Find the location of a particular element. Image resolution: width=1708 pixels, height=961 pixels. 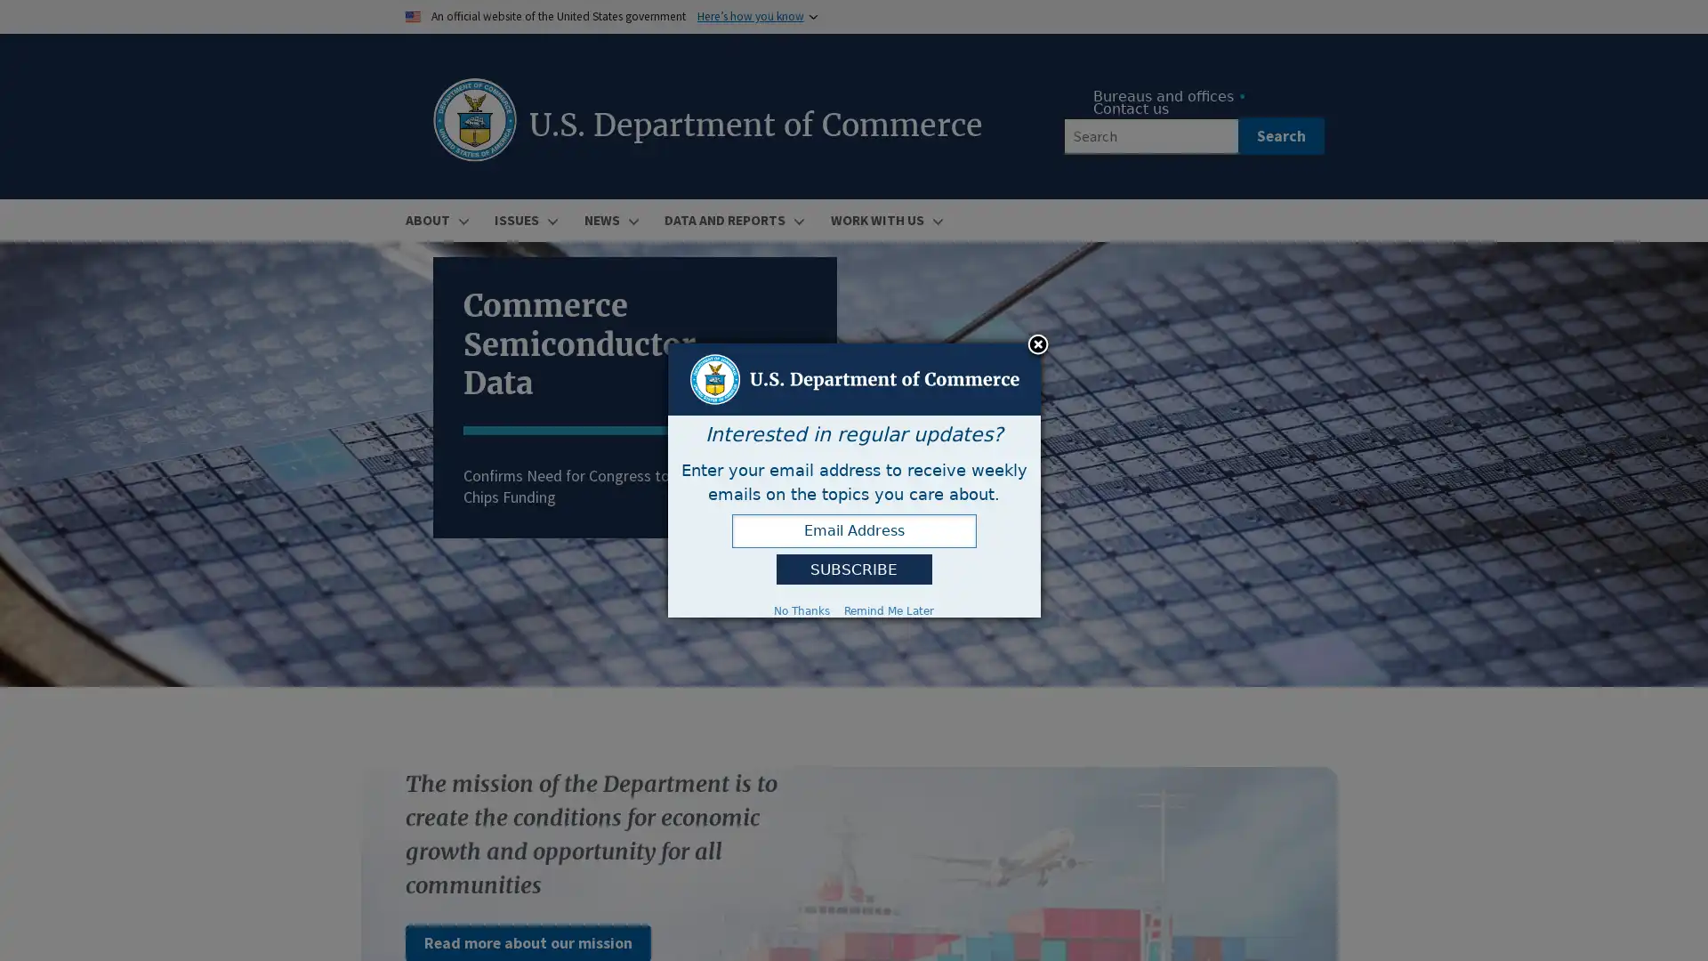

Remind Me Later is located at coordinates (889, 610).